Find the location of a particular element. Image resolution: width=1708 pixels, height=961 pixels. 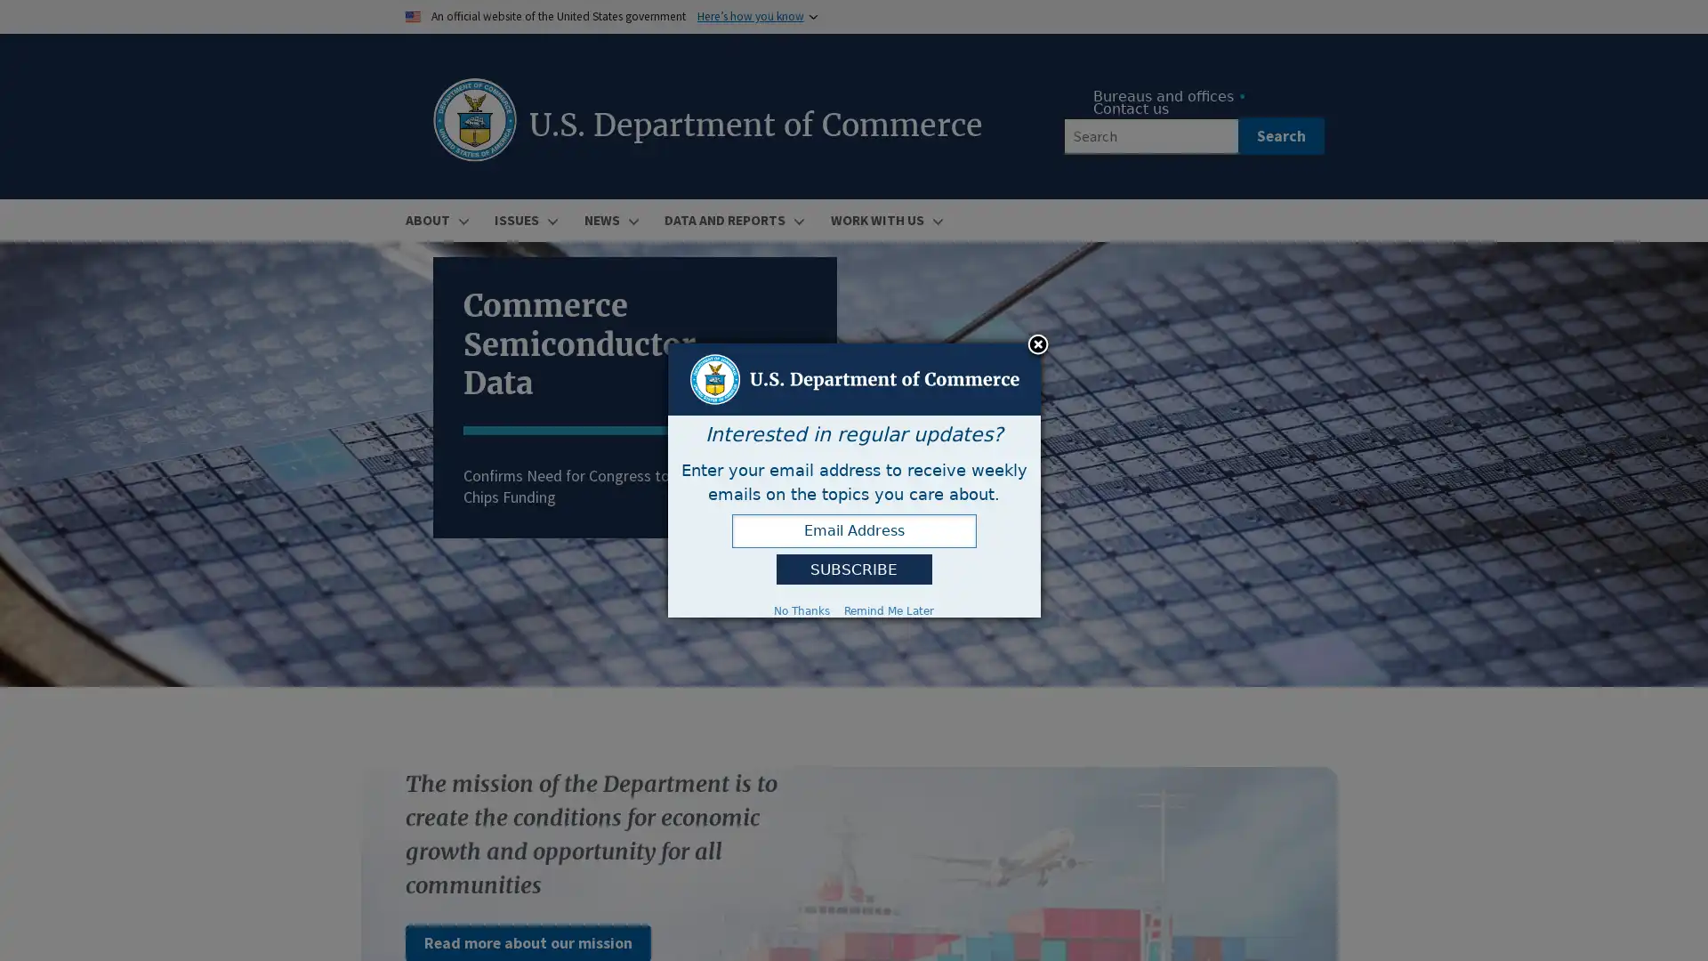

Remind Me Later is located at coordinates (889, 610).